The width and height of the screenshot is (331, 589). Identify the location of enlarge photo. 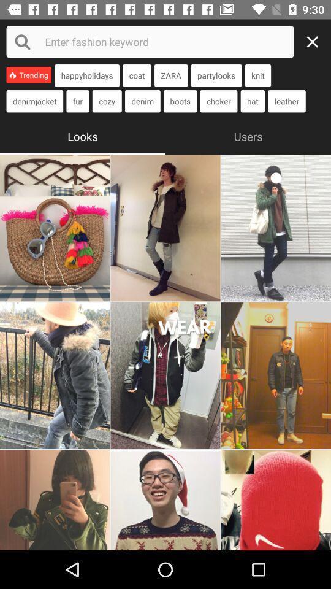
(276, 227).